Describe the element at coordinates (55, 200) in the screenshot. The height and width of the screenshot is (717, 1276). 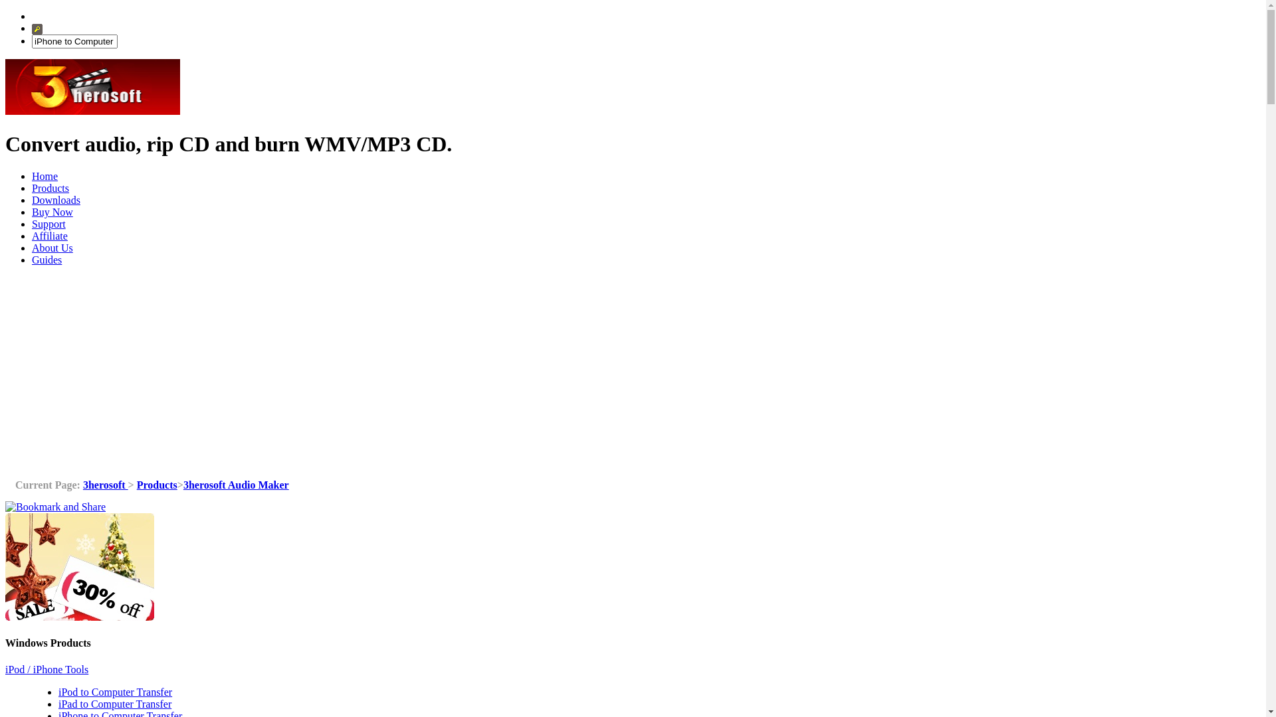
I see `'Downloads'` at that location.